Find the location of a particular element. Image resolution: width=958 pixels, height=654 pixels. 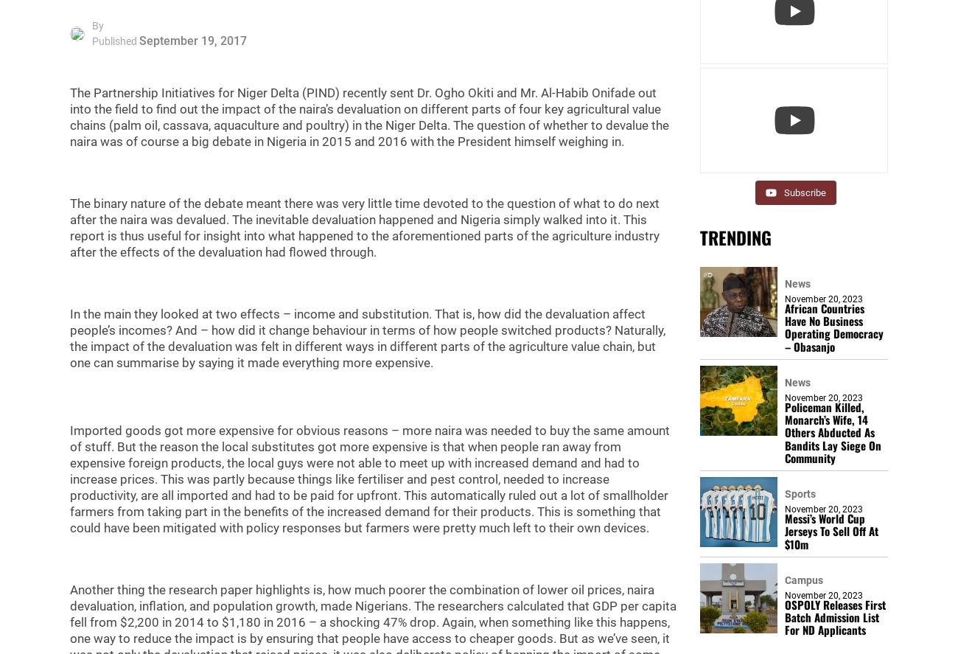

'OSPOLY Releases First Batch Admission List For ND Applicants' is located at coordinates (834, 616).